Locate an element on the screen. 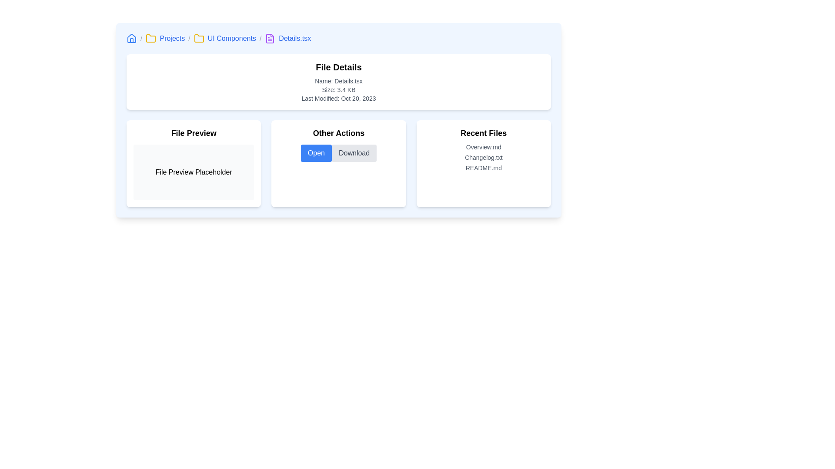 Image resolution: width=835 pixels, height=469 pixels. the Text Label displaying the current file or location in the breadcrumb navigation system, which is the last item in the sequence '/Projects/UI Components/Details.tsx' is located at coordinates (294, 38).